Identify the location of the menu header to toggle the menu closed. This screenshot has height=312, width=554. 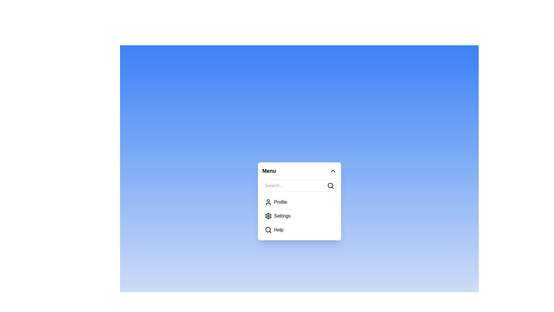
(299, 170).